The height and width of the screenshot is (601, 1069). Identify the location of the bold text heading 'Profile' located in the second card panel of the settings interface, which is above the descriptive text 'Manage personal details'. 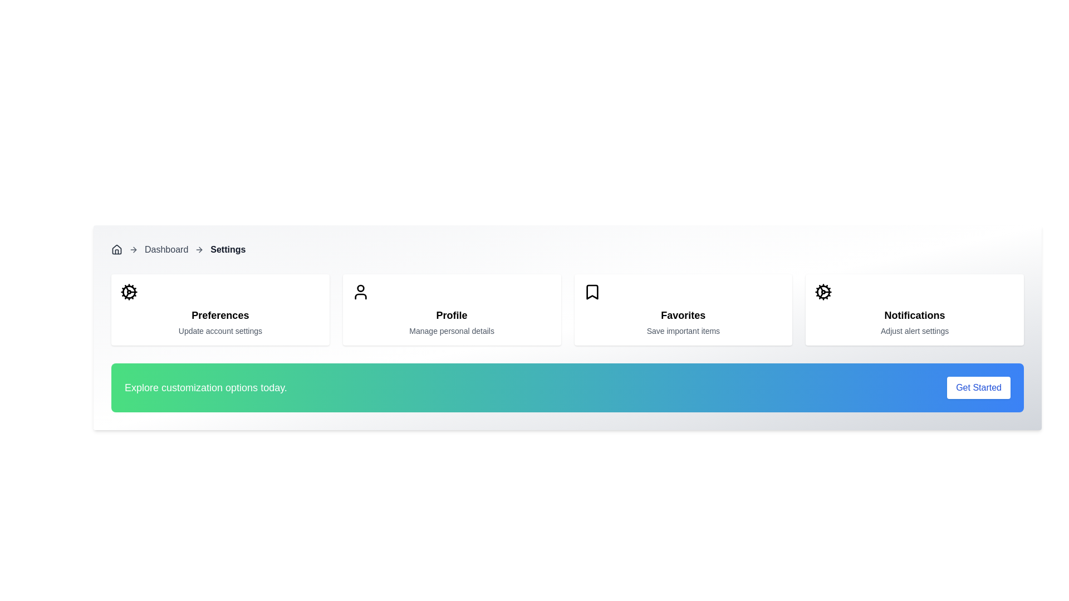
(452, 316).